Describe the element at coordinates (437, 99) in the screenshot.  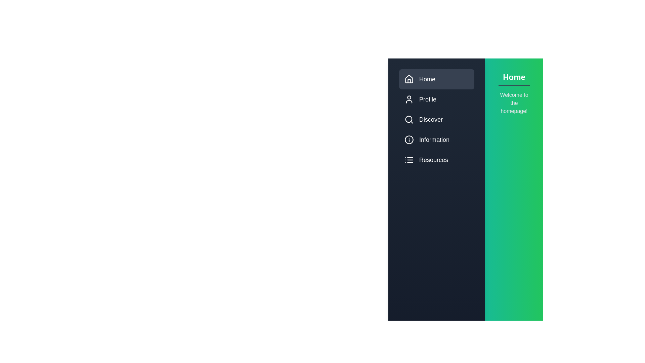
I see `the menu item labeled Profile to switch the active content` at that location.